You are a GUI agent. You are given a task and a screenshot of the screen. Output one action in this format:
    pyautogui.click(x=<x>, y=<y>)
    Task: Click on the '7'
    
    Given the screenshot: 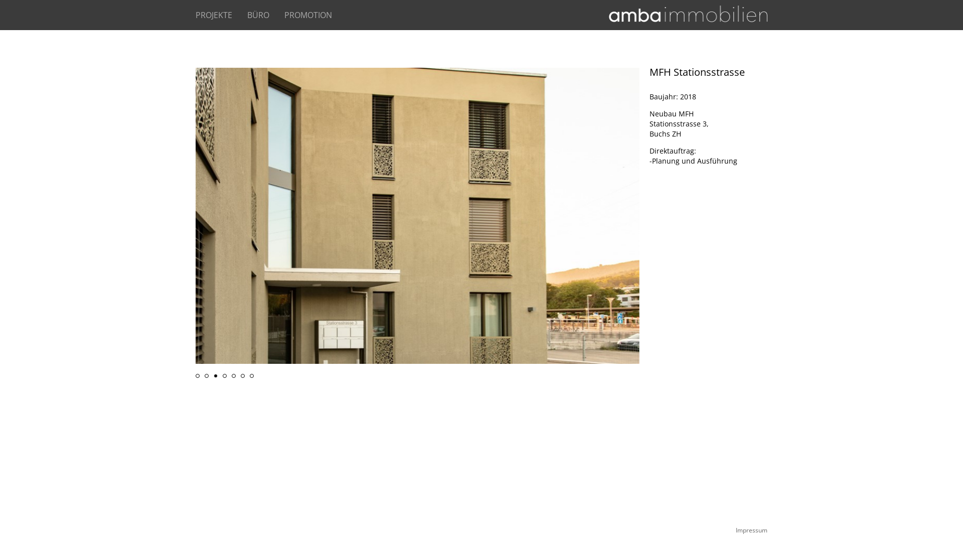 What is the action you would take?
    pyautogui.click(x=252, y=375)
    